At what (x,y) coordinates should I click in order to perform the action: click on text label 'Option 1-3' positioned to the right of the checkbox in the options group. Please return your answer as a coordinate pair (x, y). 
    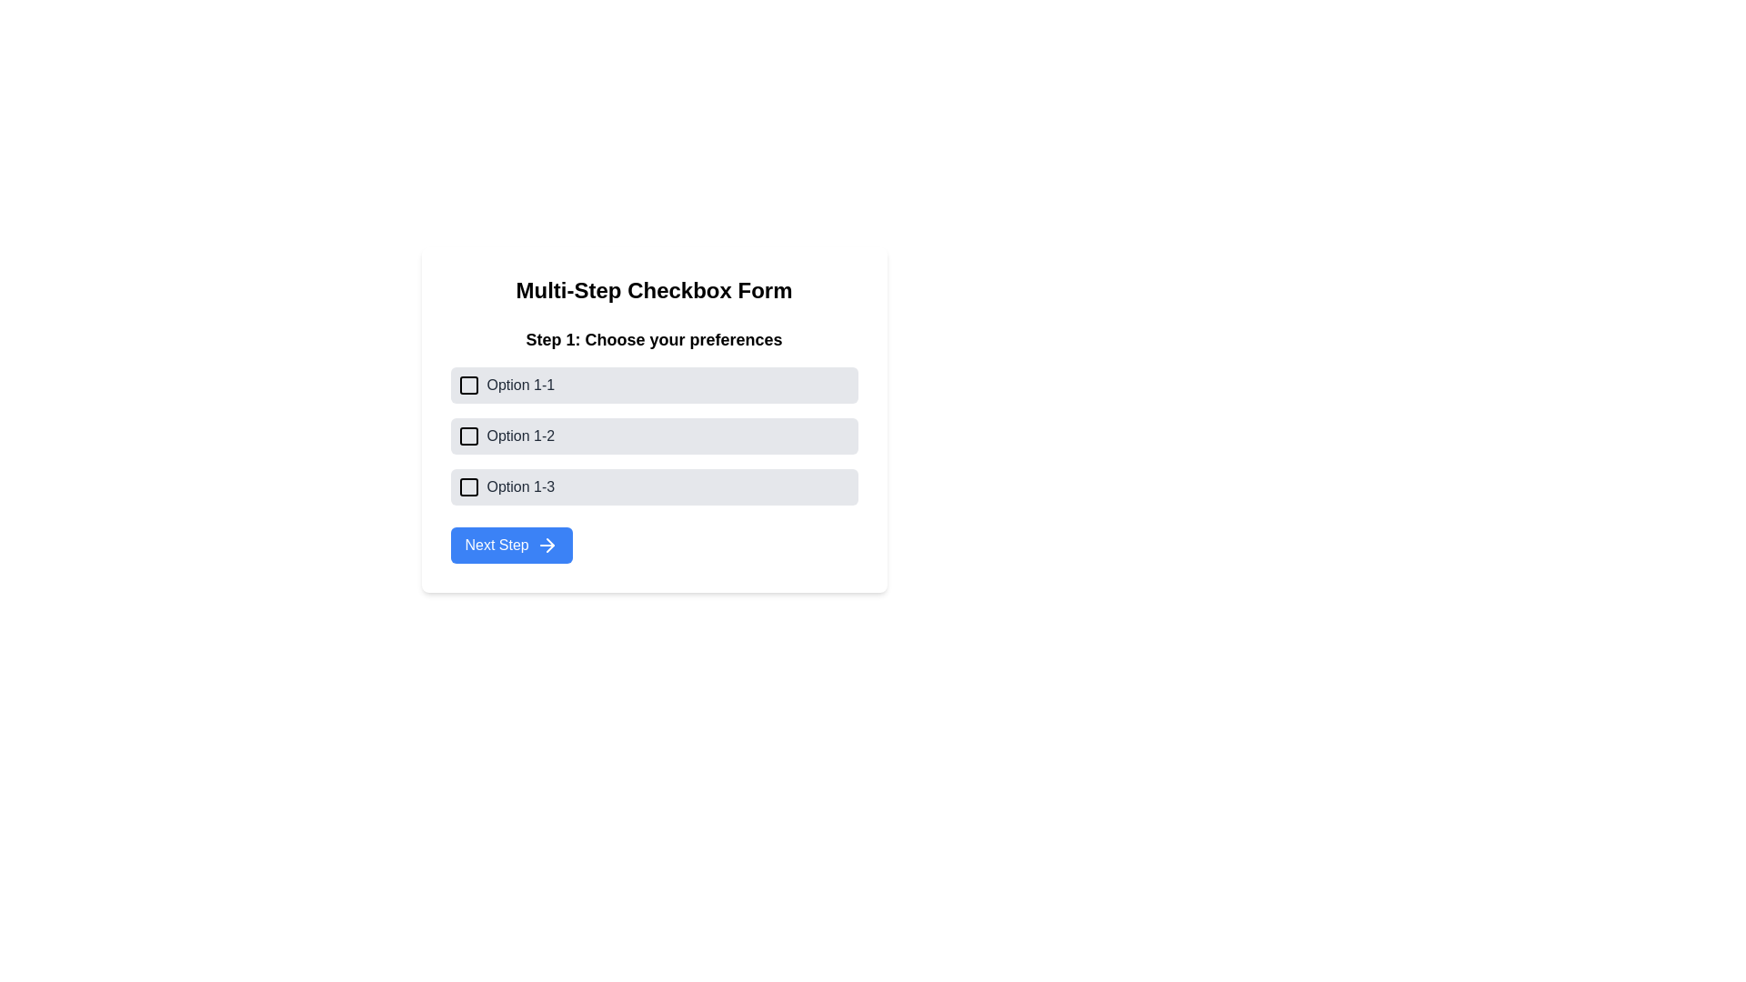
    Looking at the image, I should click on (519, 486).